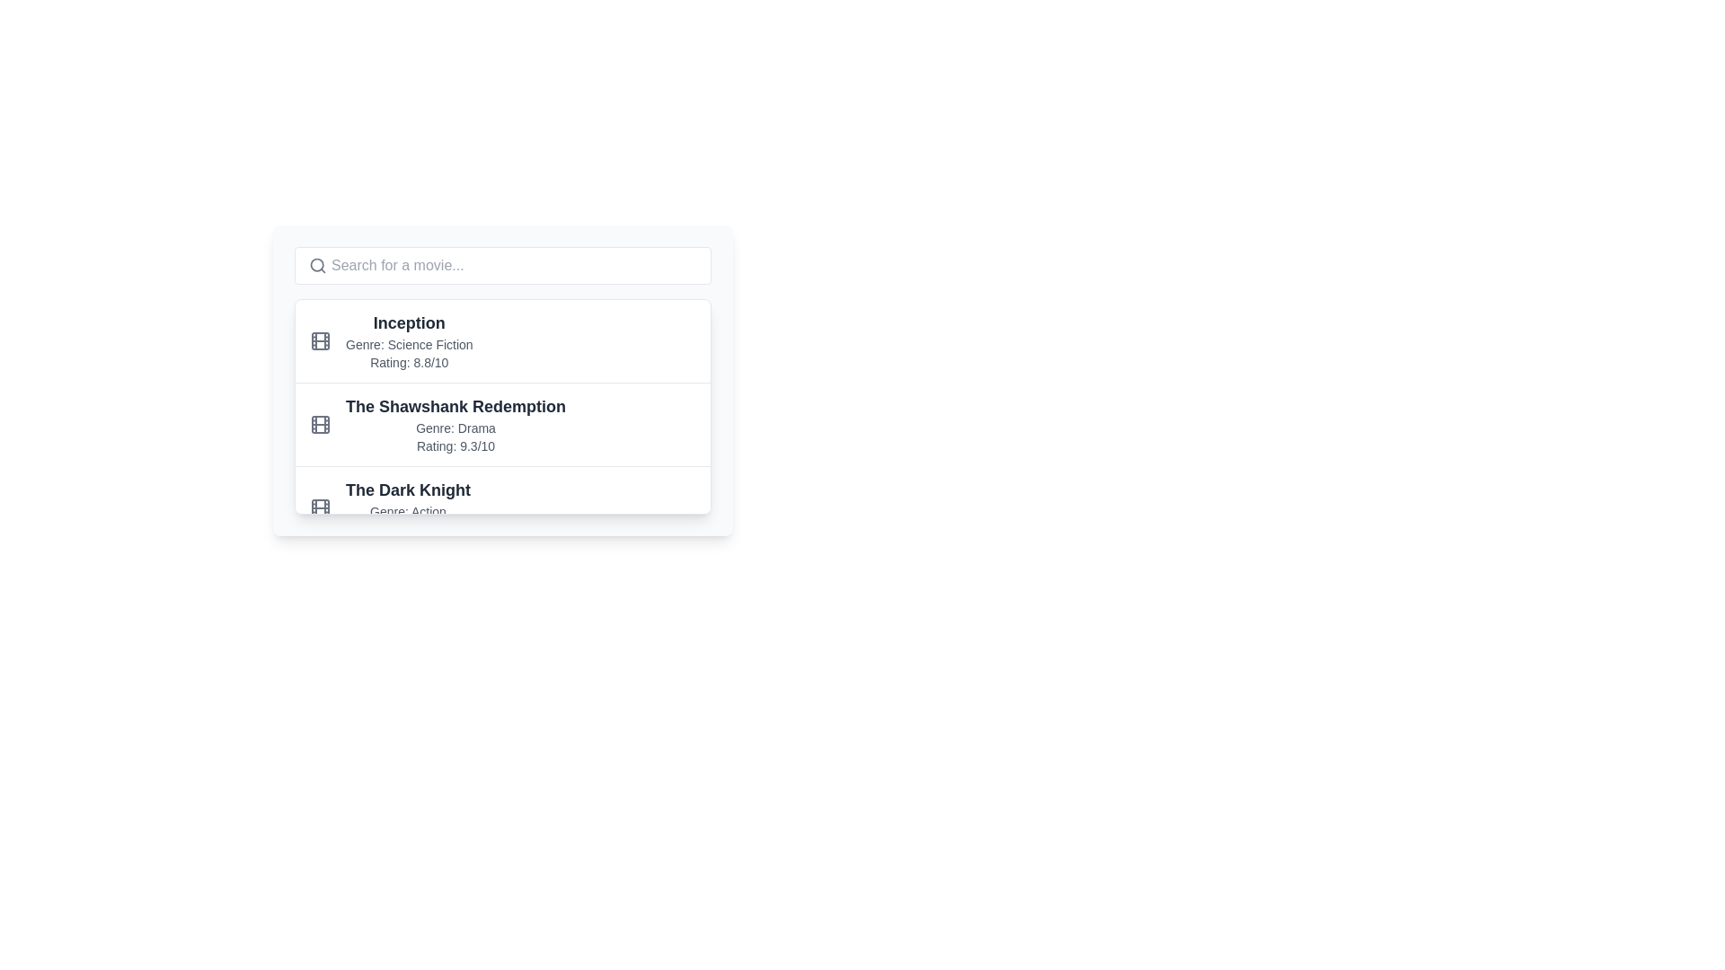 The image size is (1725, 970). What do you see at coordinates (318, 266) in the screenshot?
I see `the search icon located on the left side of the search input field, near the placeholder text 'Search for a movie...'` at bounding box center [318, 266].